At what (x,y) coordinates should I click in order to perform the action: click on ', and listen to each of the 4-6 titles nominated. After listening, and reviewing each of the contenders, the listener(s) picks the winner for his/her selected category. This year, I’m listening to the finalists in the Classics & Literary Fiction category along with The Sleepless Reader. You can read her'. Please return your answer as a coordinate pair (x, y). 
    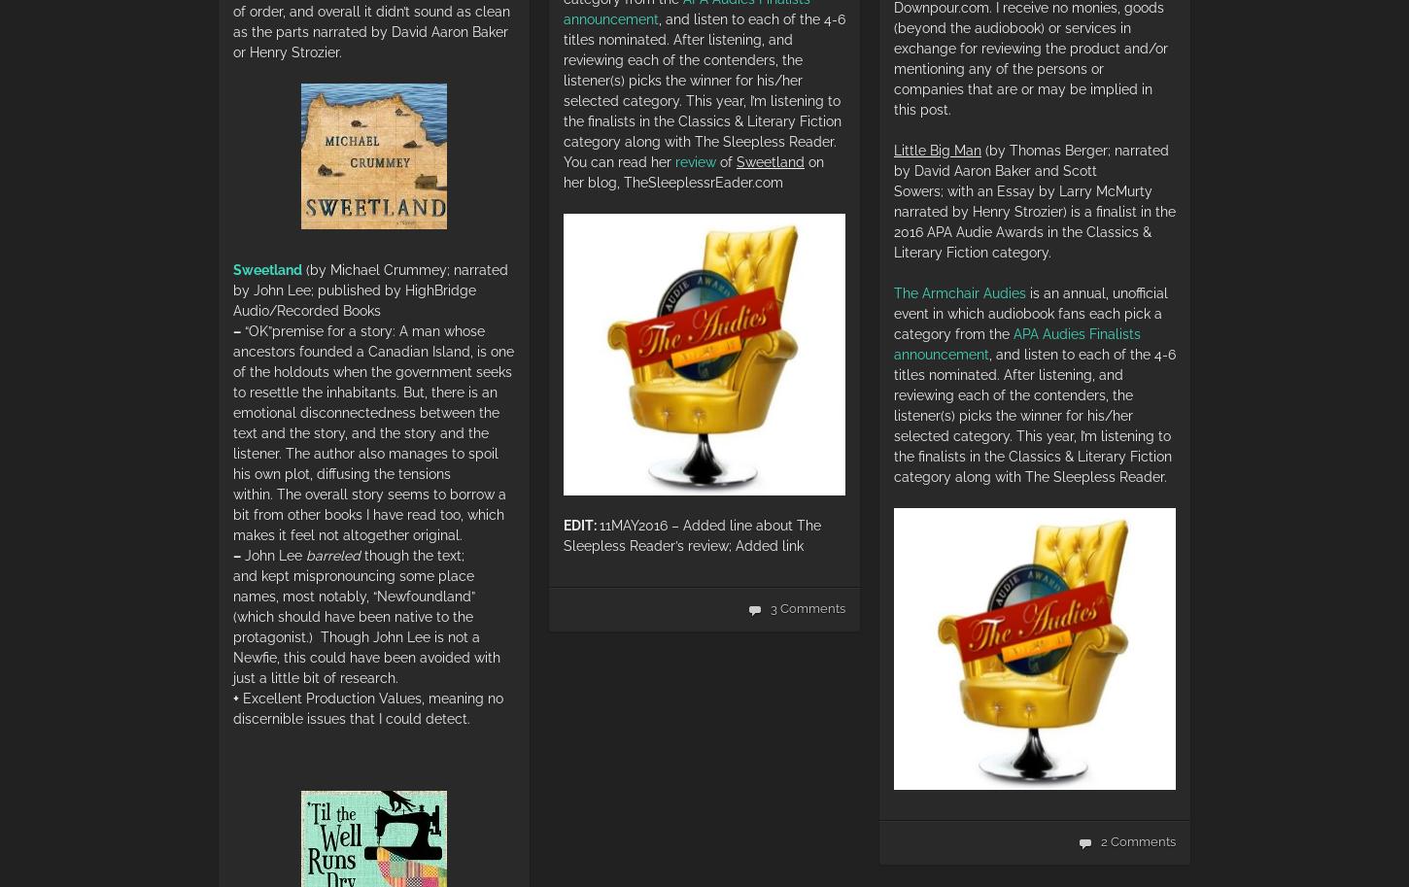
    Looking at the image, I should click on (704, 89).